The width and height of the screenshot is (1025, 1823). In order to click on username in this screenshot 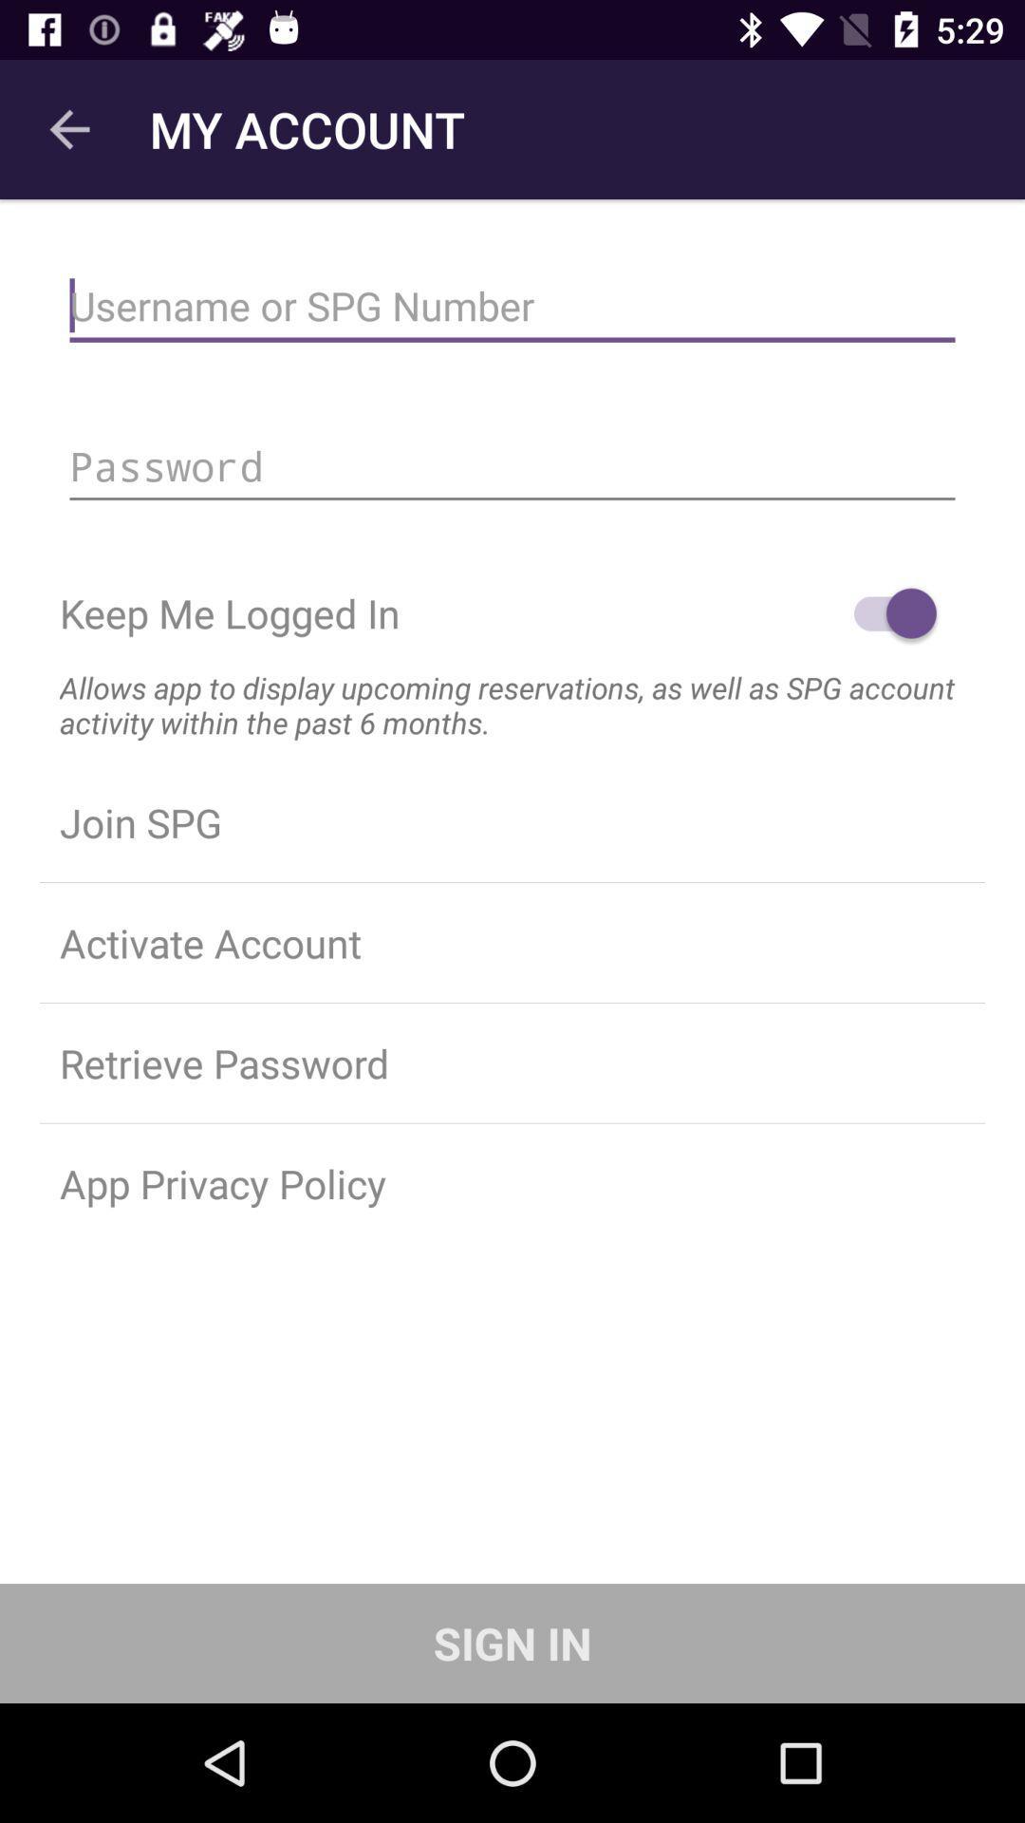, I will do `click(512, 306)`.